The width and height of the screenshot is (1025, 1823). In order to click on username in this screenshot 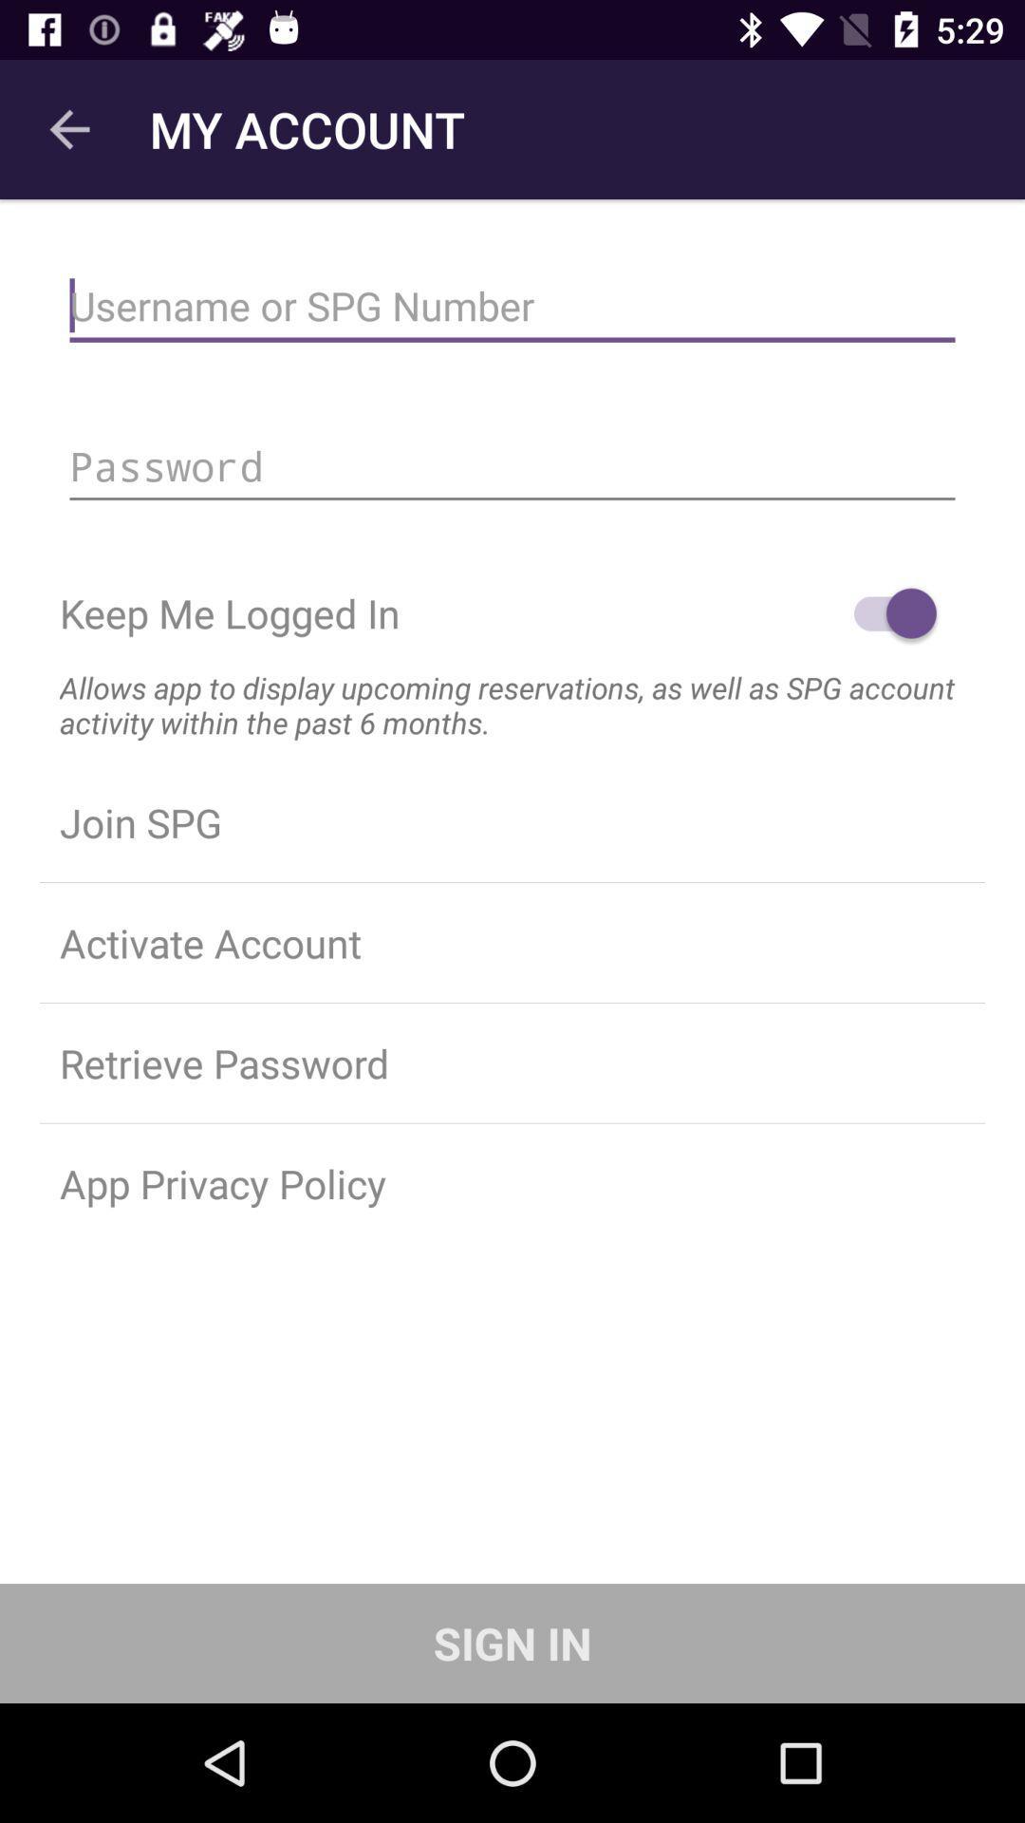, I will do `click(512, 306)`.